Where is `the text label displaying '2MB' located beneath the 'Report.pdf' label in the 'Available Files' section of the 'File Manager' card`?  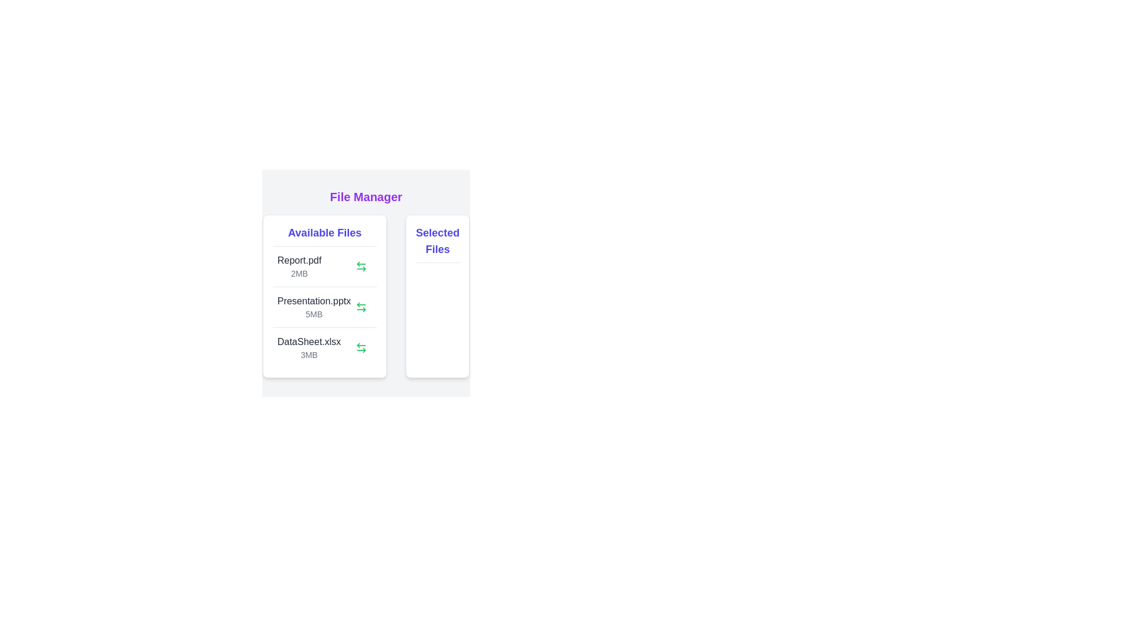
the text label displaying '2MB' located beneath the 'Report.pdf' label in the 'Available Files' section of the 'File Manager' card is located at coordinates (299, 273).